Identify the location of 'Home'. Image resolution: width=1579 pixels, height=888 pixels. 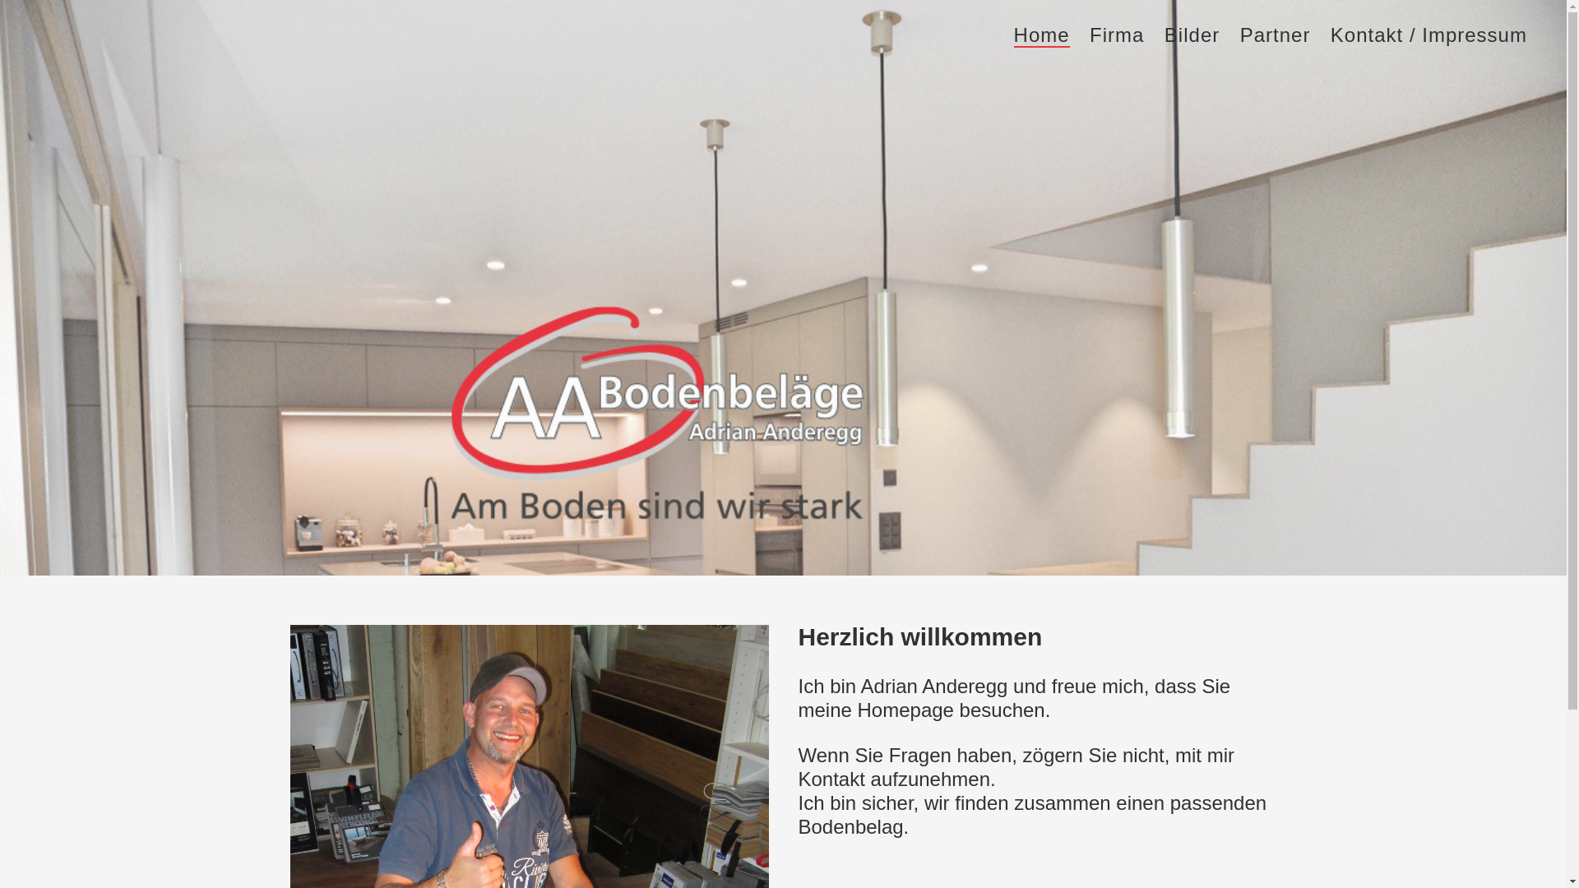
(1013, 36).